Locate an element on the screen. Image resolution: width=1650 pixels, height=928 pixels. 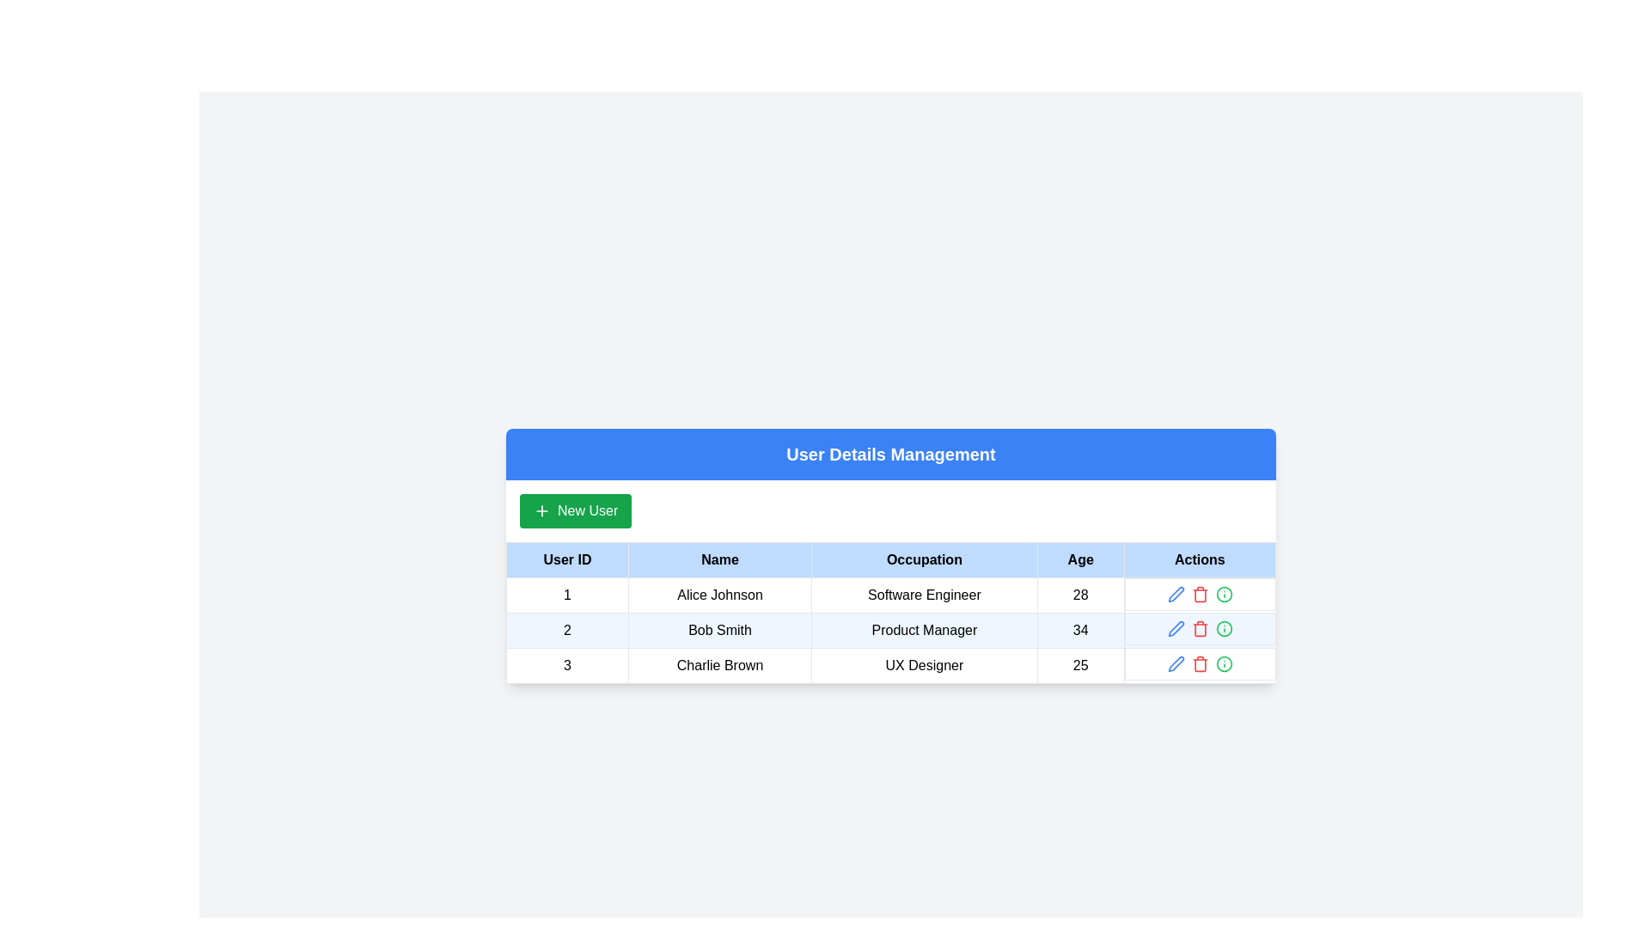
the table cell displaying the user ID number '1' located in the first row and first column of the 'User Details Management' table is located at coordinates (567, 594).